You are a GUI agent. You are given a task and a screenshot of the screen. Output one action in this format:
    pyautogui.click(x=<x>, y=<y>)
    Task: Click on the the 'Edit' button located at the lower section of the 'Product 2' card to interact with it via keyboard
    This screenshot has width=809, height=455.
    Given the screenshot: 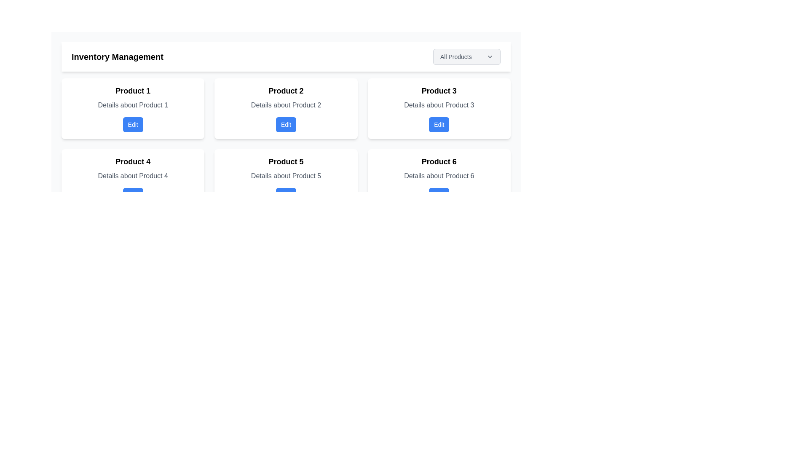 What is the action you would take?
    pyautogui.click(x=286, y=125)
    